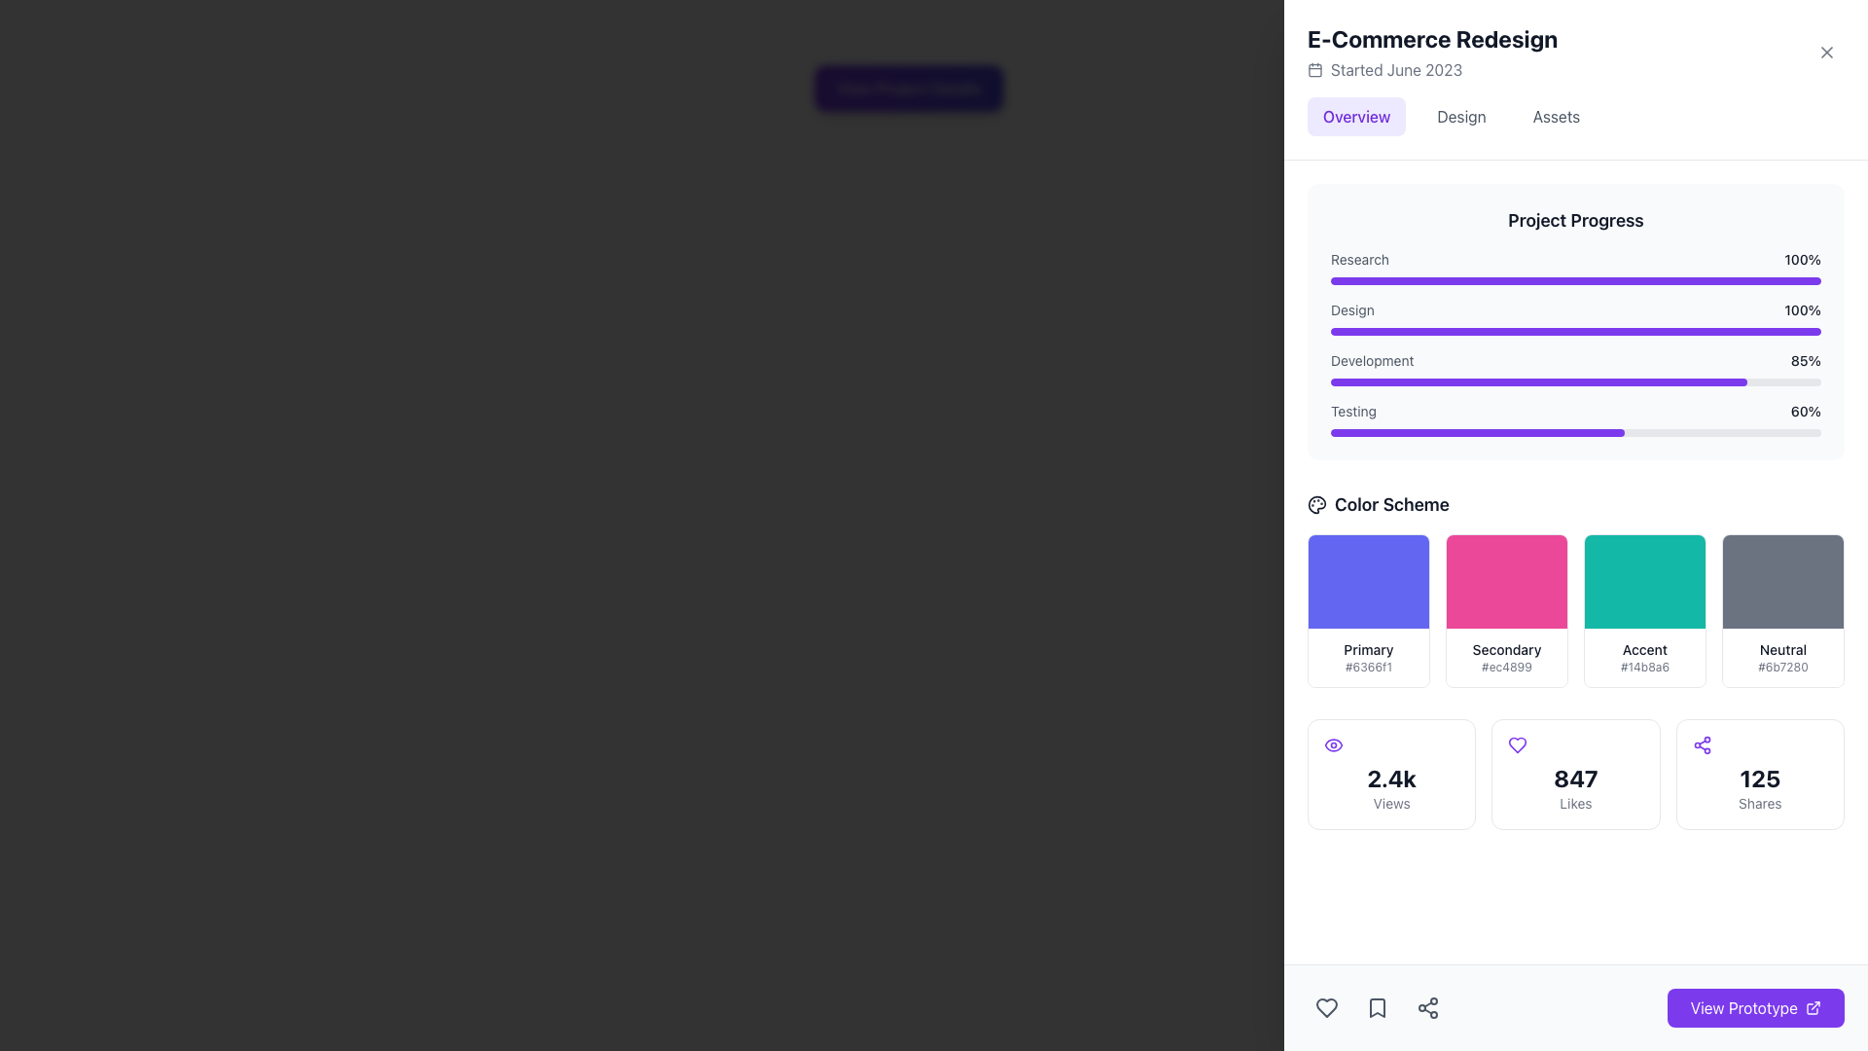 The image size is (1868, 1051). What do you see at coordinates (1576, 588) in the screenshot?
I see `the third color swatch labeled 'Accent' with the code '#14b8a6' in the 'Color Scheme' grid, located below 'Project Progress'` at bounding box center [1576, 588].